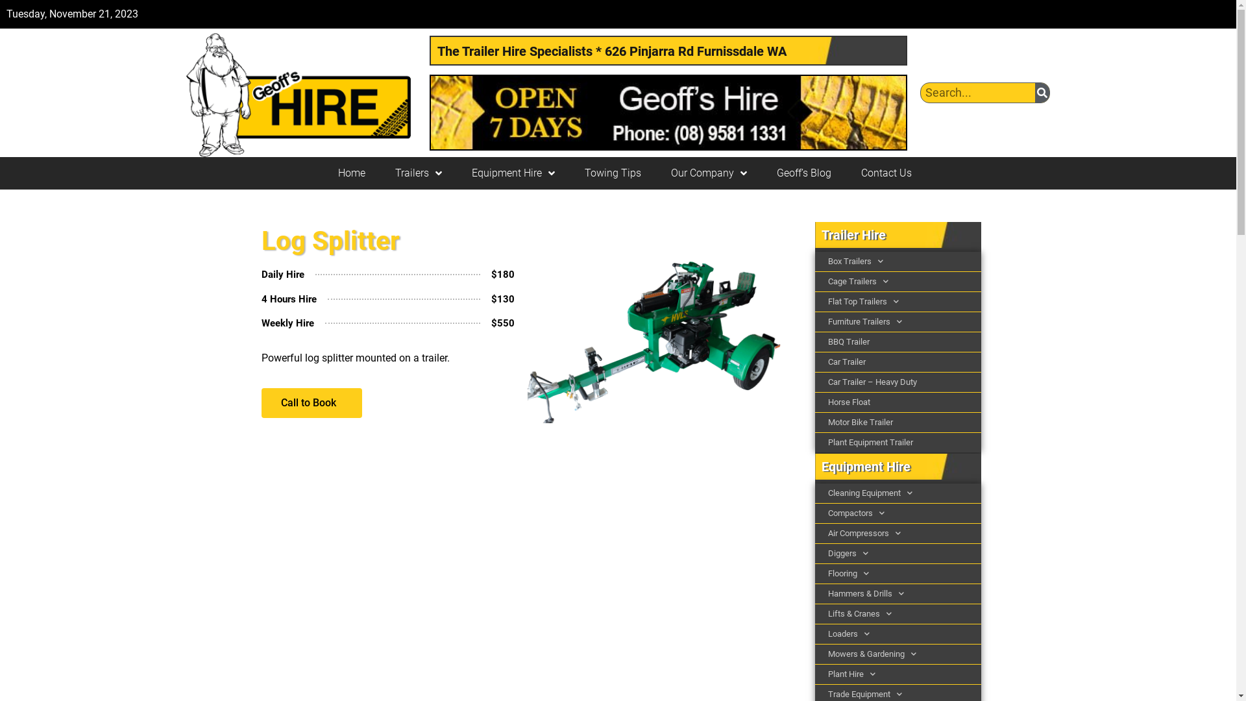 Image resolution: width=1246 pixels, height=701 pixels. I want to click on 'Equipment Hire', so click(512, 172).